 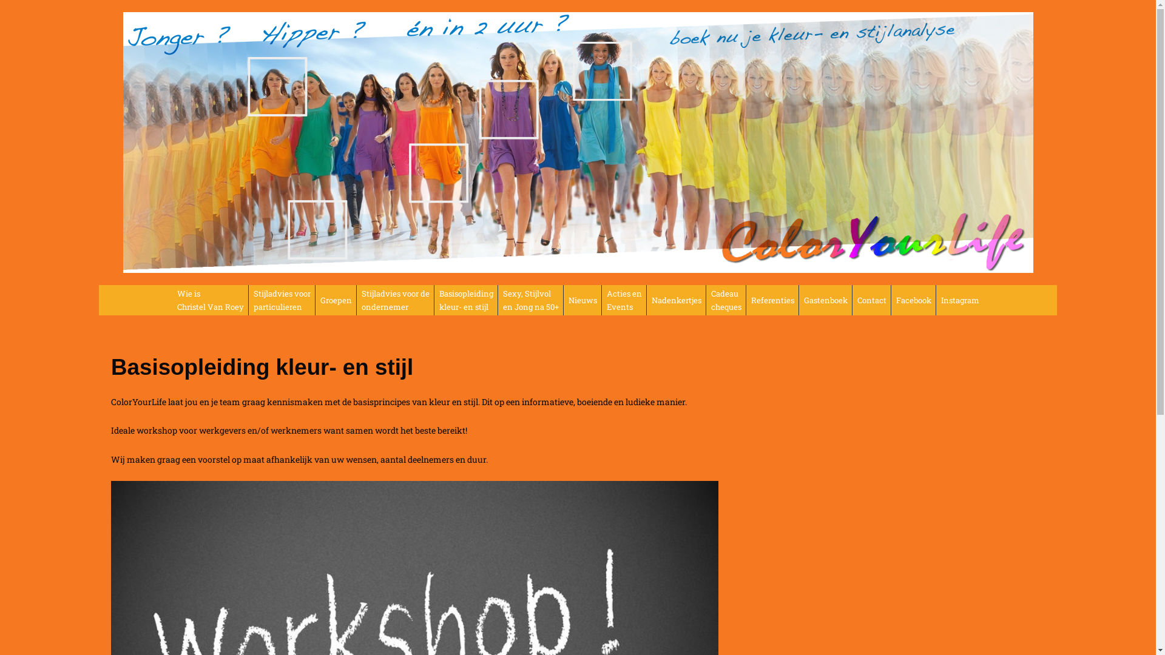 What do you see at coordinates (624, 300) in the screenshot?
I see `'Acties en` at bounding box center [624, 300].